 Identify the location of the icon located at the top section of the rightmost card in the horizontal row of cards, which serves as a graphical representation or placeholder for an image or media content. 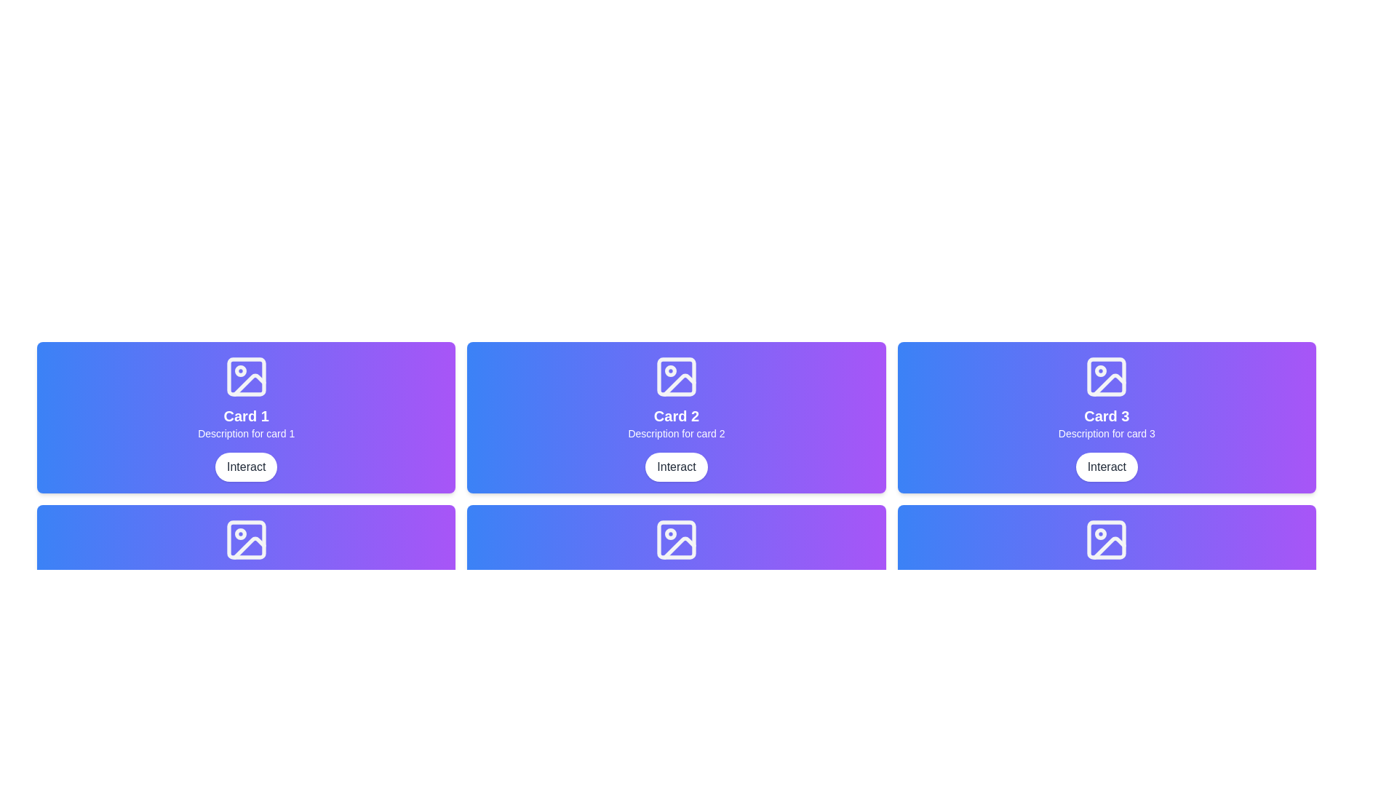
(1106, 376).